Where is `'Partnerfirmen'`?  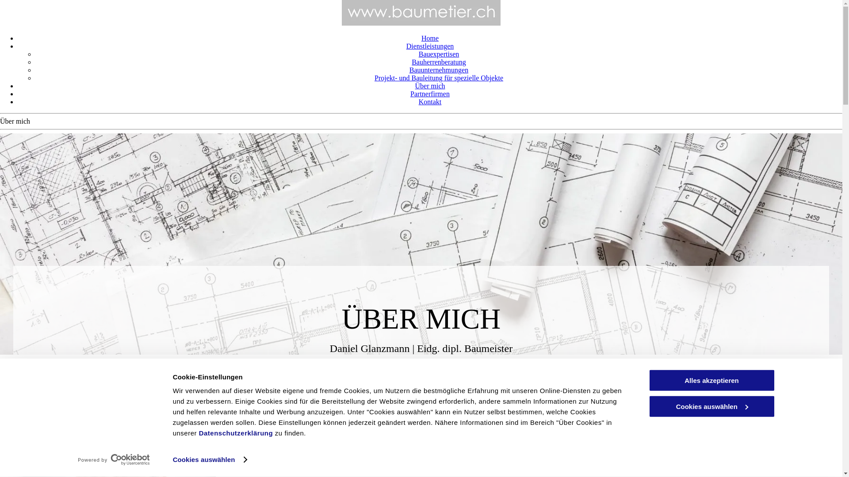
'Partnerfirmen' is located at coordinates (430, 94).